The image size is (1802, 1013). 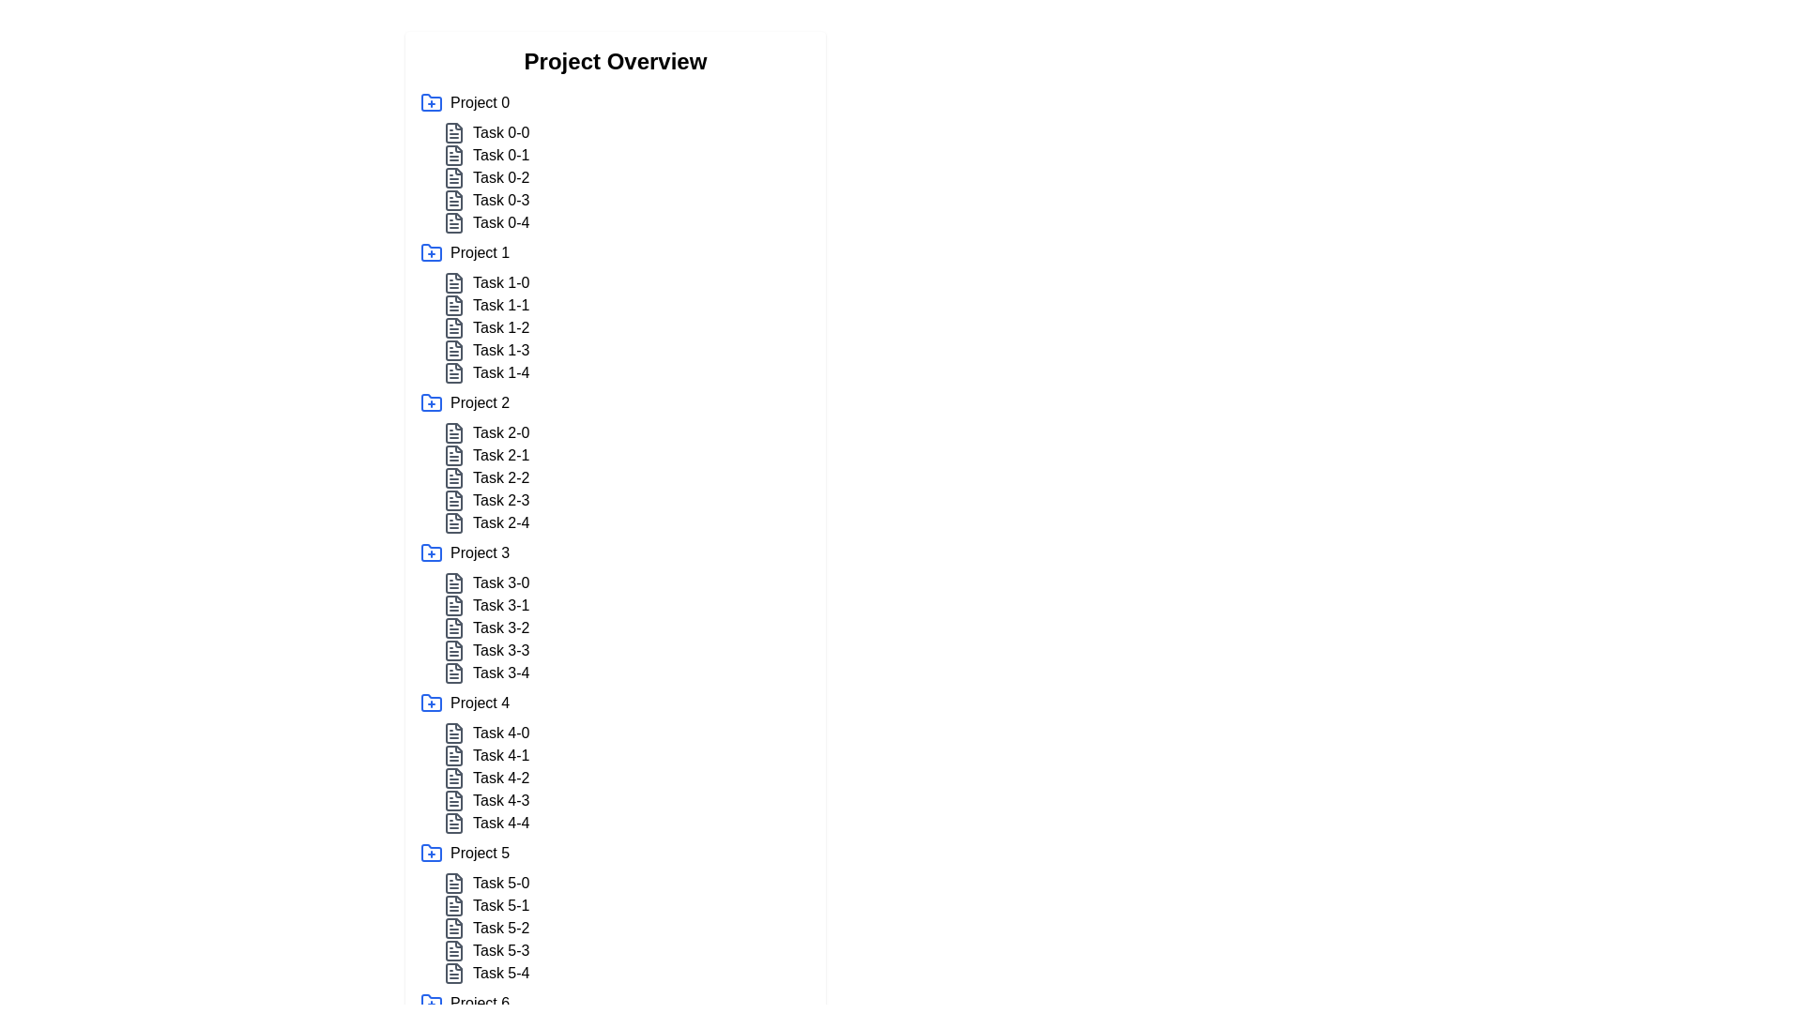 I want to click on the document icon that is part of the vertical list of file icons, located adjacent to the label 'Task 4-1' under the 'Project 4' section, so click(x=454, y=755).